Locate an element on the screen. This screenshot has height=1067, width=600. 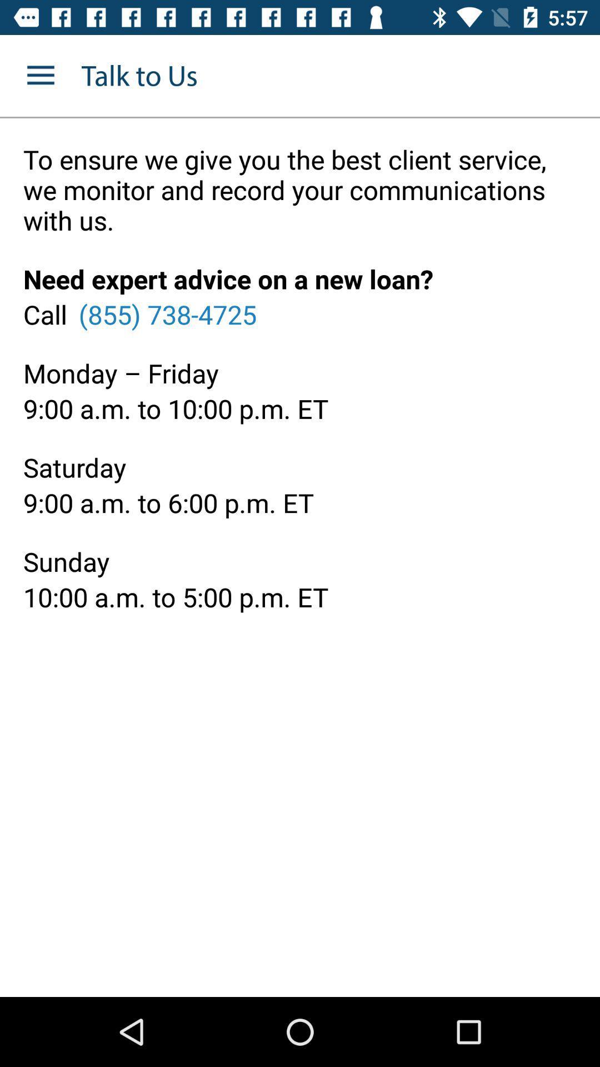
item to the right of the call item is located at coordinates (167, 313).